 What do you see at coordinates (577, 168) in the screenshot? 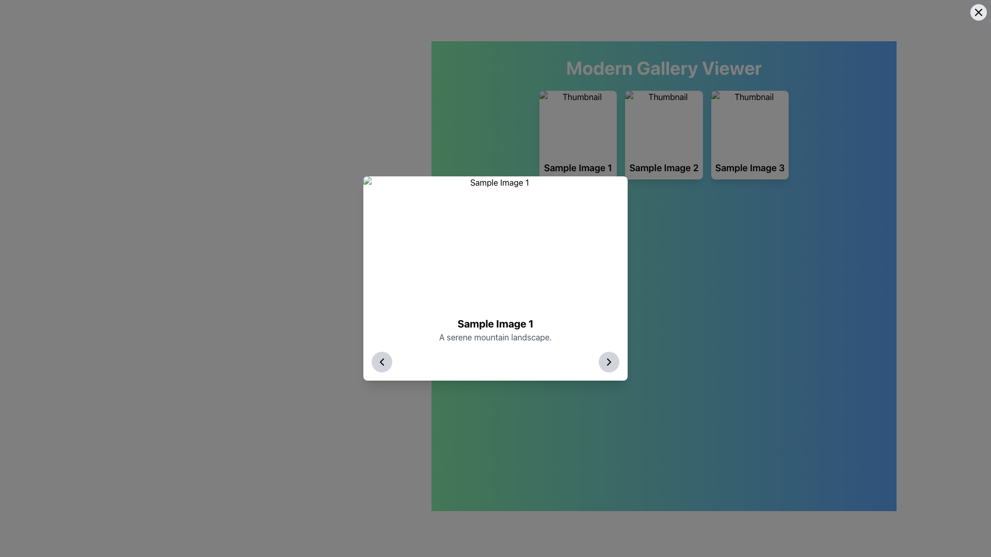
I see `displayed text of the descriptive label for the first thumbnail in the gallery viewer layout, located under the 'Modern Gallery Viewer' heading` at bounding box center [577, 168].